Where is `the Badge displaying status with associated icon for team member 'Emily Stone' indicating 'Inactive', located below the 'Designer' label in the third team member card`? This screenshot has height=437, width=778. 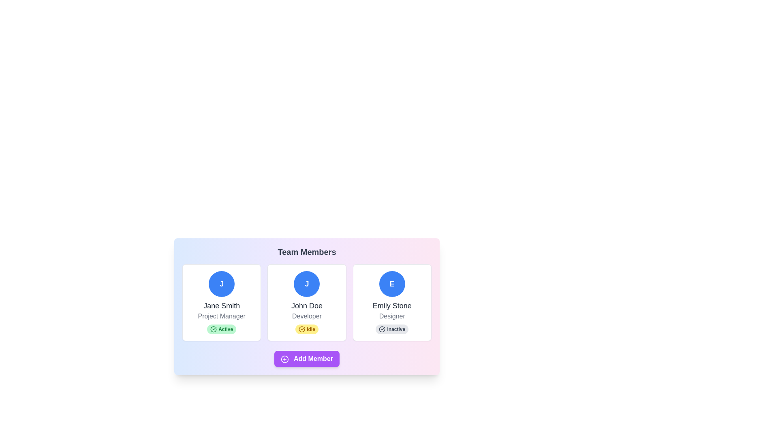
the Badge displaying status with associated icon for team member 'Emily Stone' indicating 'Inactive', located below the 'Designer' label in the third team member card is located at coordinates (392, 329).